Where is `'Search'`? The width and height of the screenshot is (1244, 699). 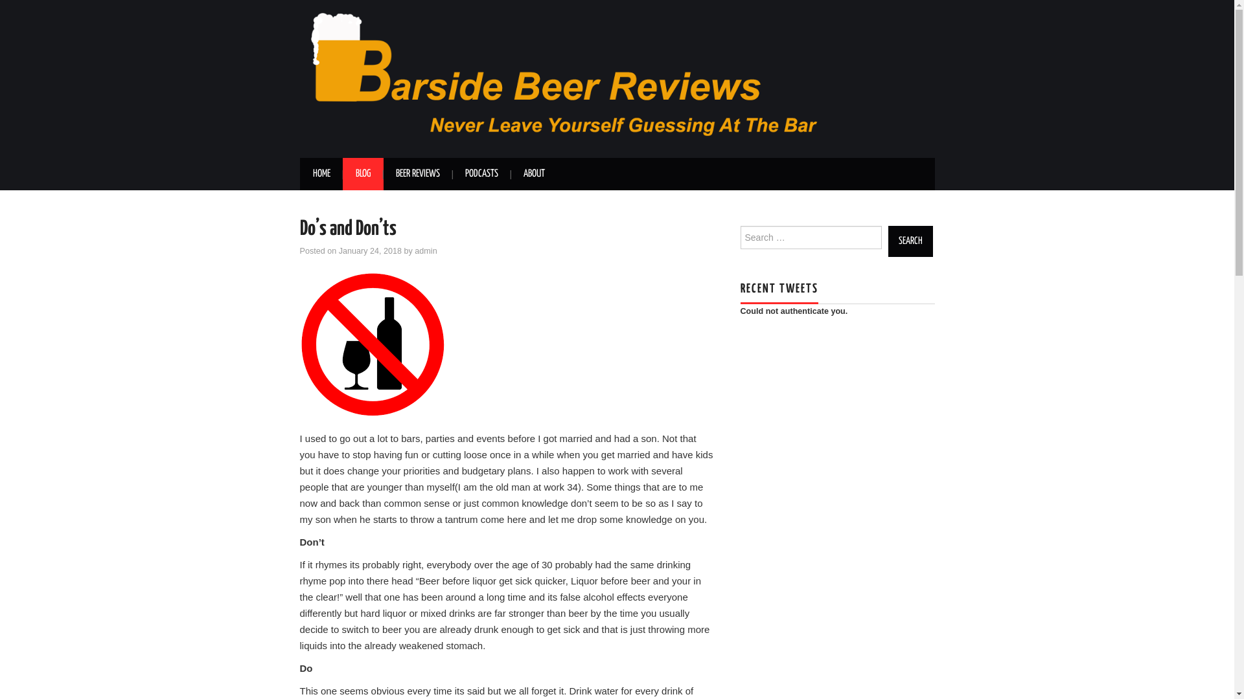
'Search' is located at coordinates (909, 241).